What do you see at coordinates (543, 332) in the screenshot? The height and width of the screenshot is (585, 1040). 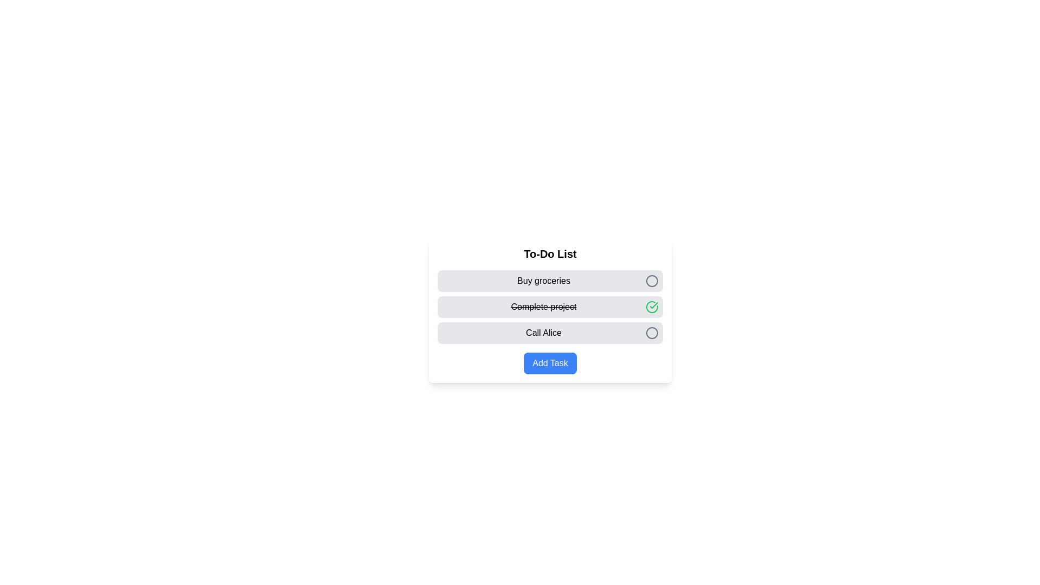 I see `the 'Call Alice' text label in the task list, which is the third item in the 'To-Do List' interface, styled with a simple font and subtle gray background` at bounding box center [543, 332].